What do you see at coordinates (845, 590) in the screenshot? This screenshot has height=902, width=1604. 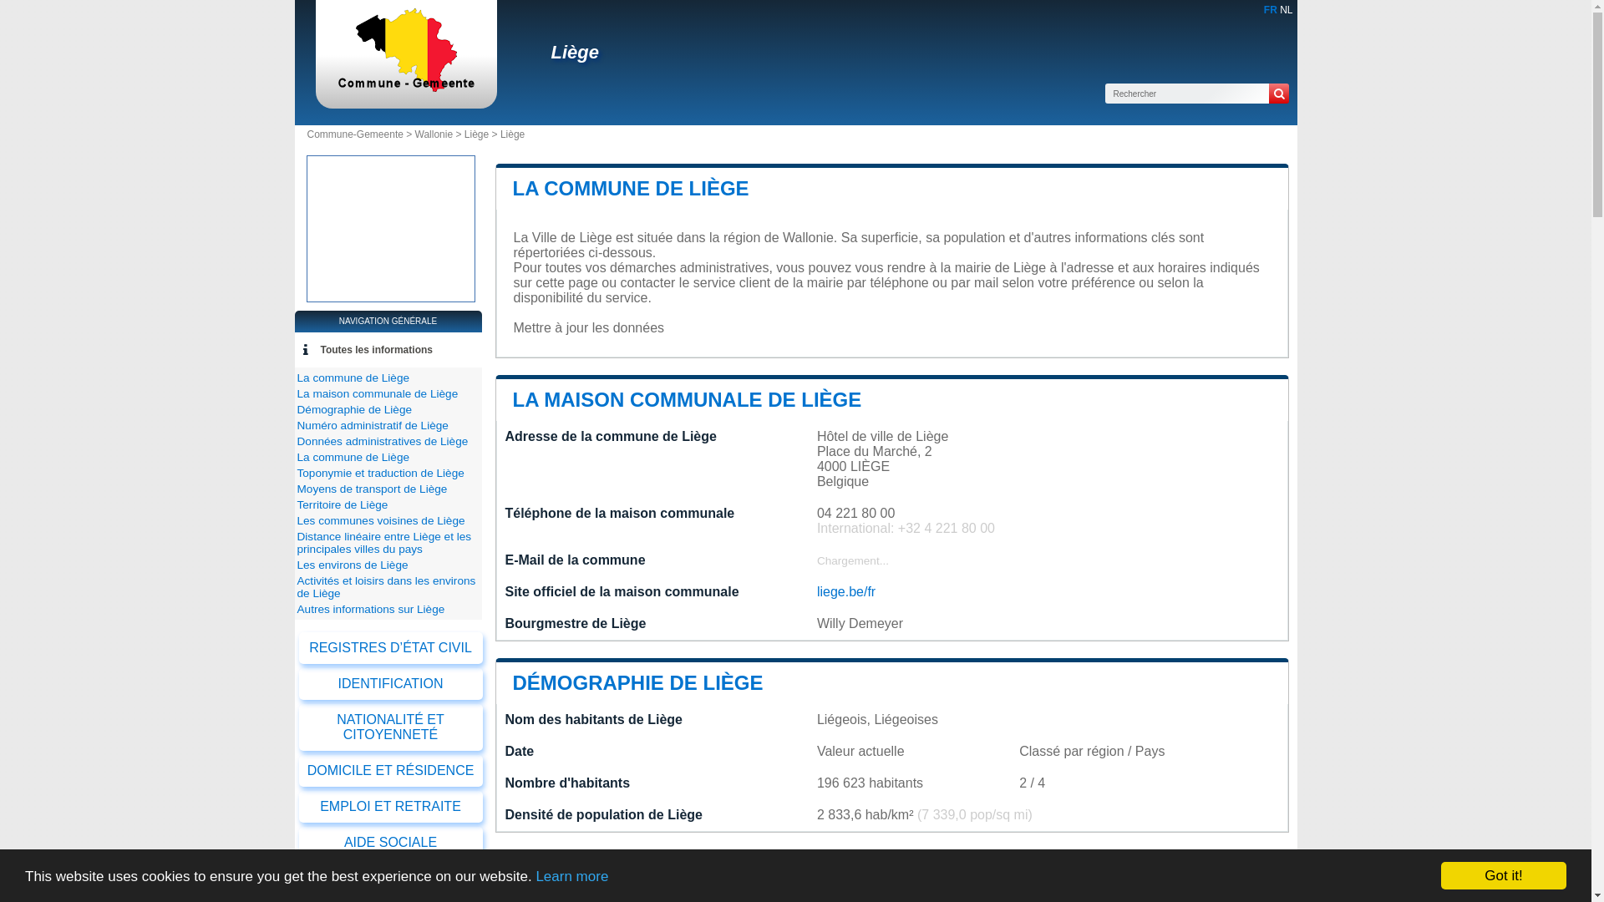 I see `'liege.be/fr'` at bounding box center [845, 590].